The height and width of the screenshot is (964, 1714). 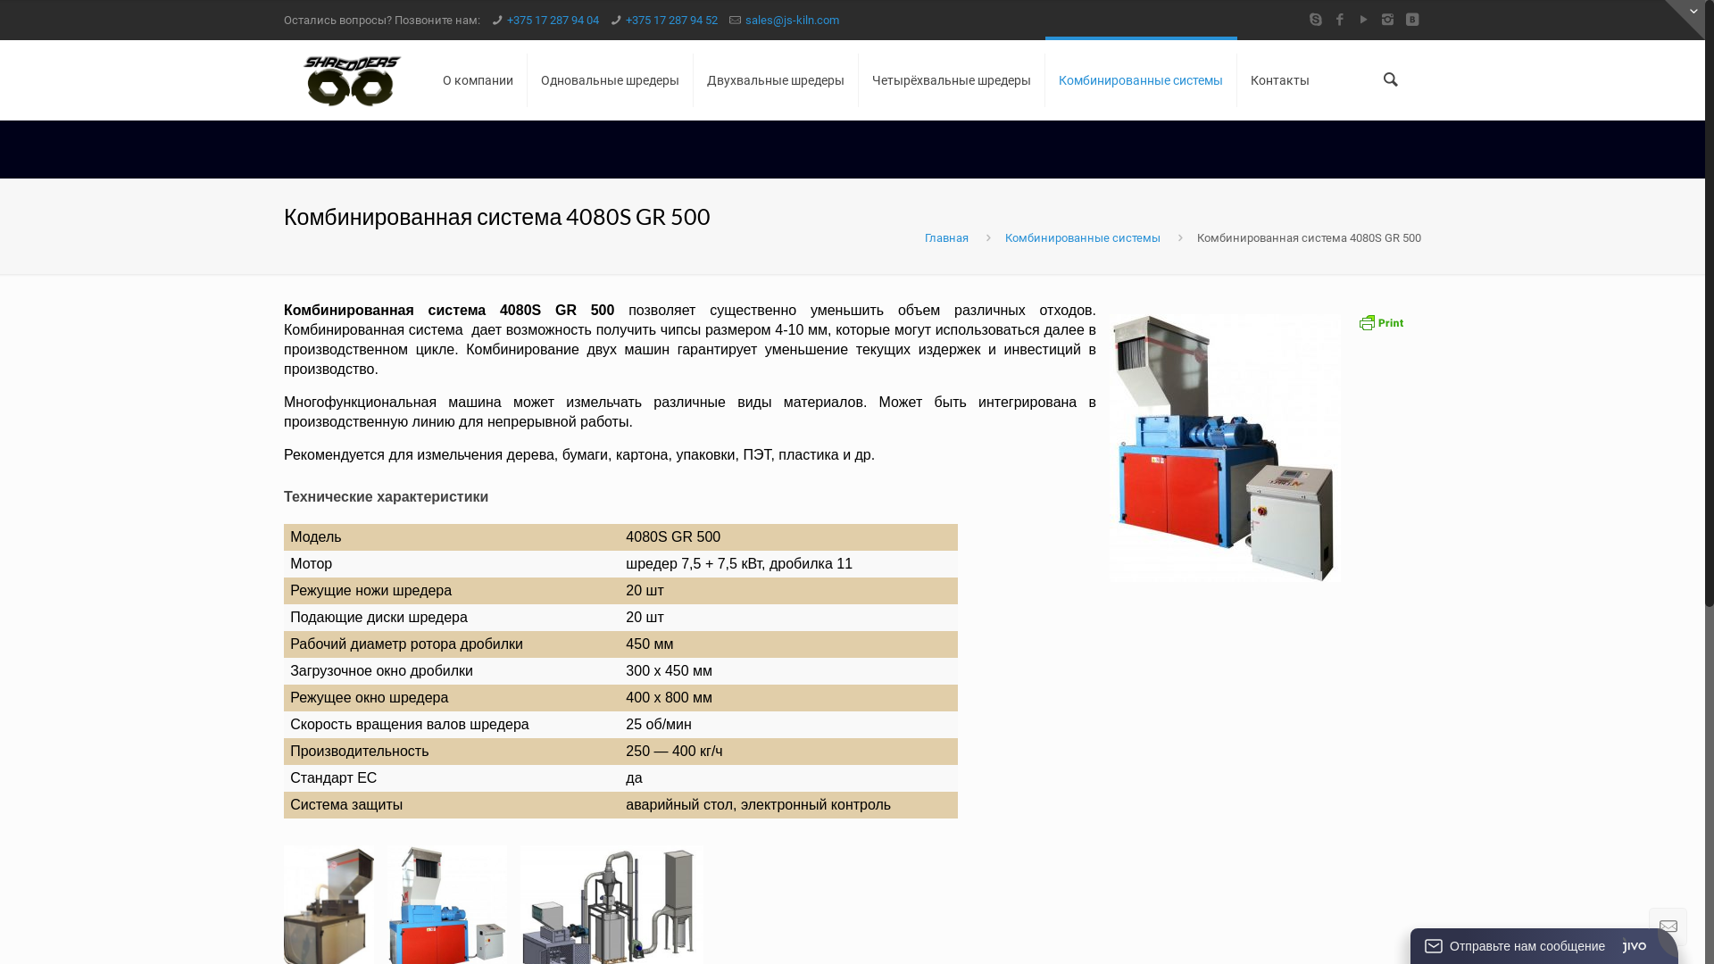 What do you see at coordinates (1362, 20) in the screenshot?
I see `'YouTube'` at bounding box center [1362, 20].